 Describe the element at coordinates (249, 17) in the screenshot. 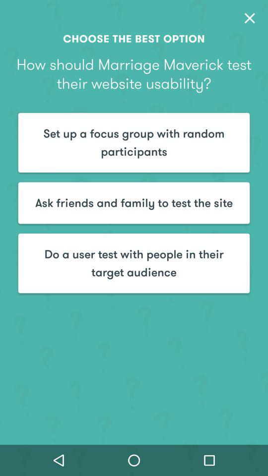

I see `item above how should marriage item` at that location.